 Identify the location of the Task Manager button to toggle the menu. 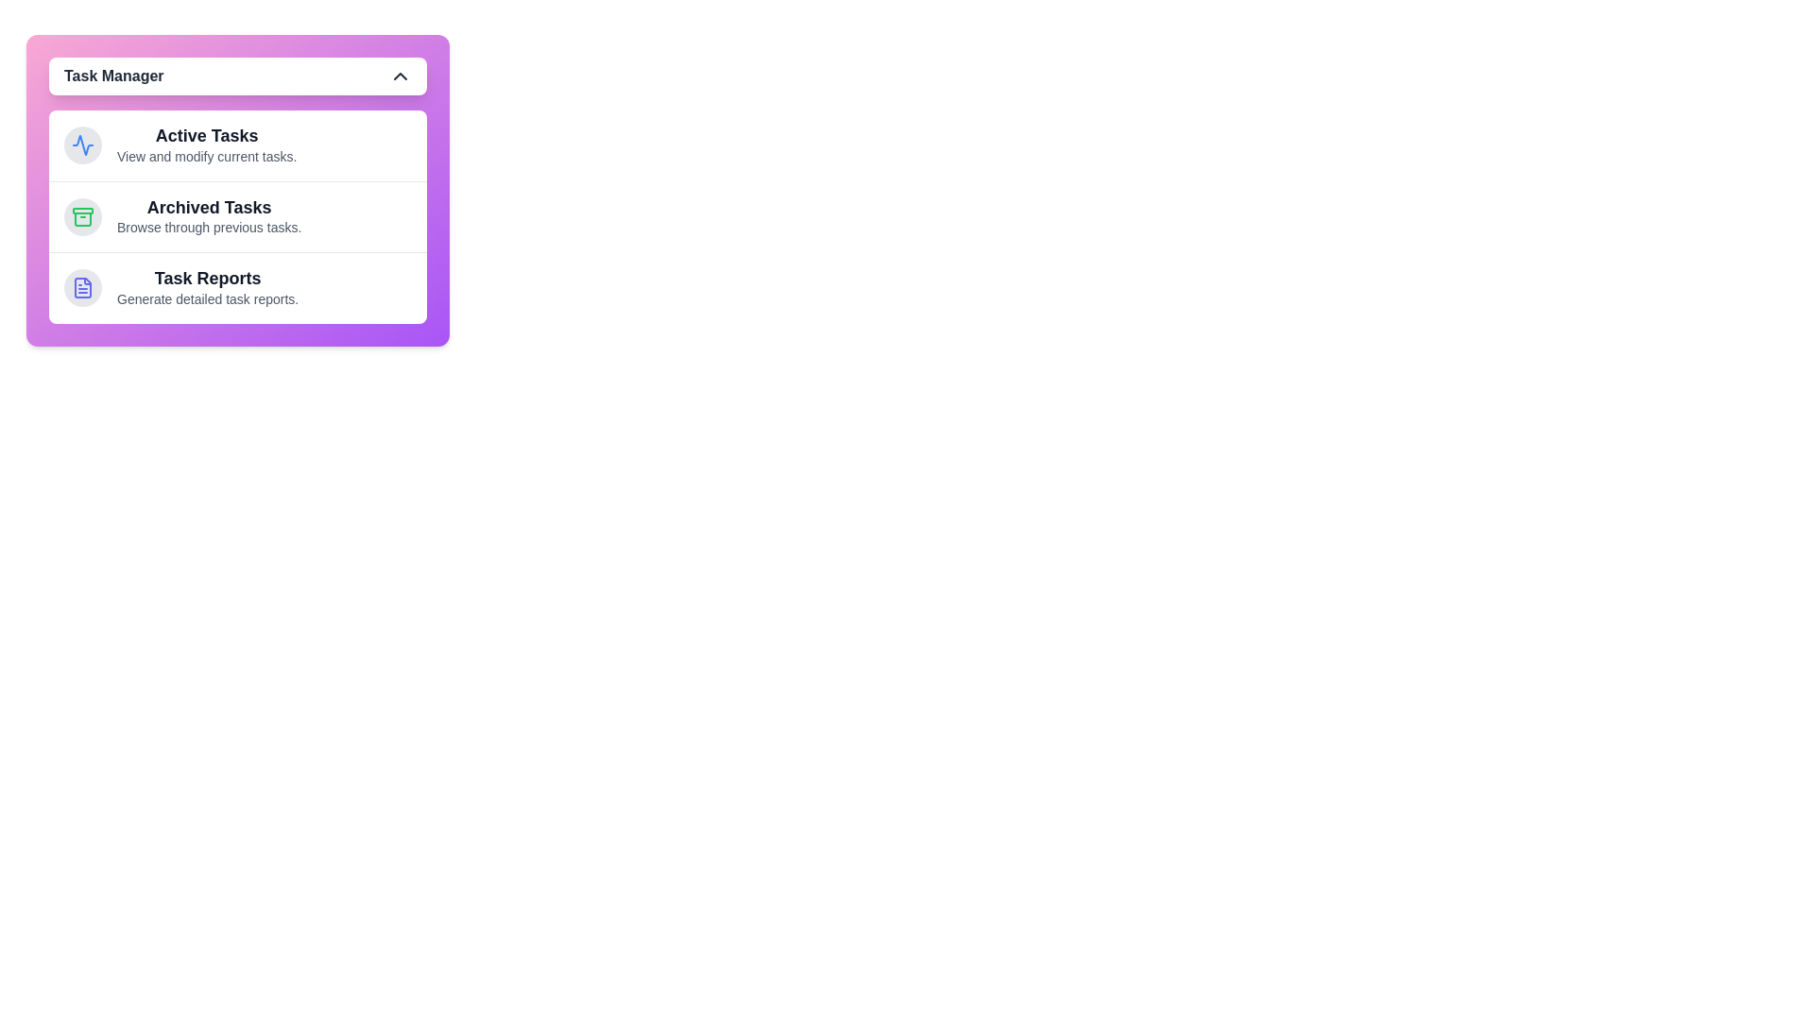
(237, 76).